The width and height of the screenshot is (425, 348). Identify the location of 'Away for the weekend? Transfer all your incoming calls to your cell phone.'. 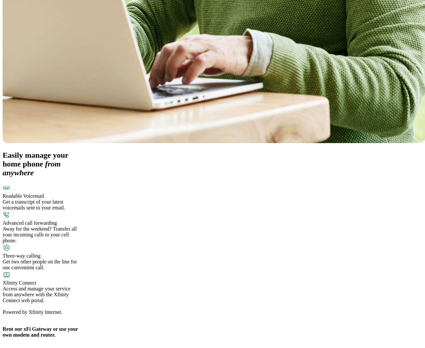
(39, 234).